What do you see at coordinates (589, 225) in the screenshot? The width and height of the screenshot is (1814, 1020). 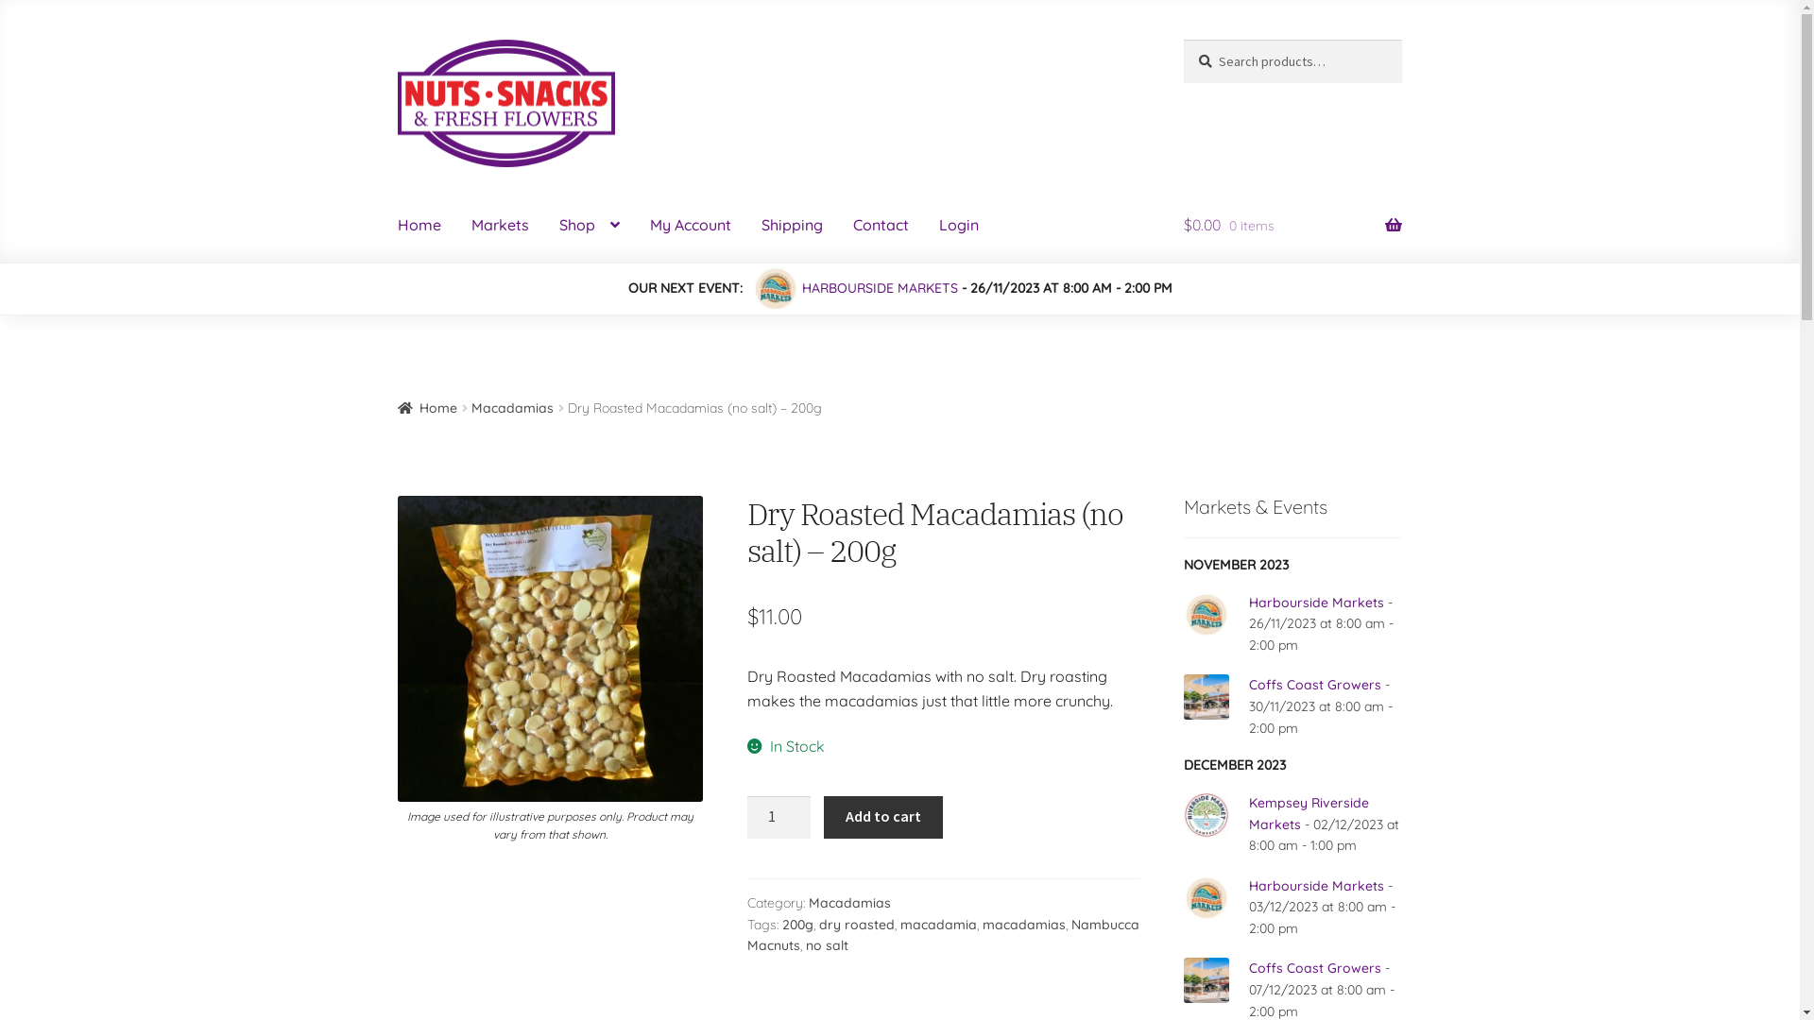 I see `'Shop'` at bounding box center [589, 225].